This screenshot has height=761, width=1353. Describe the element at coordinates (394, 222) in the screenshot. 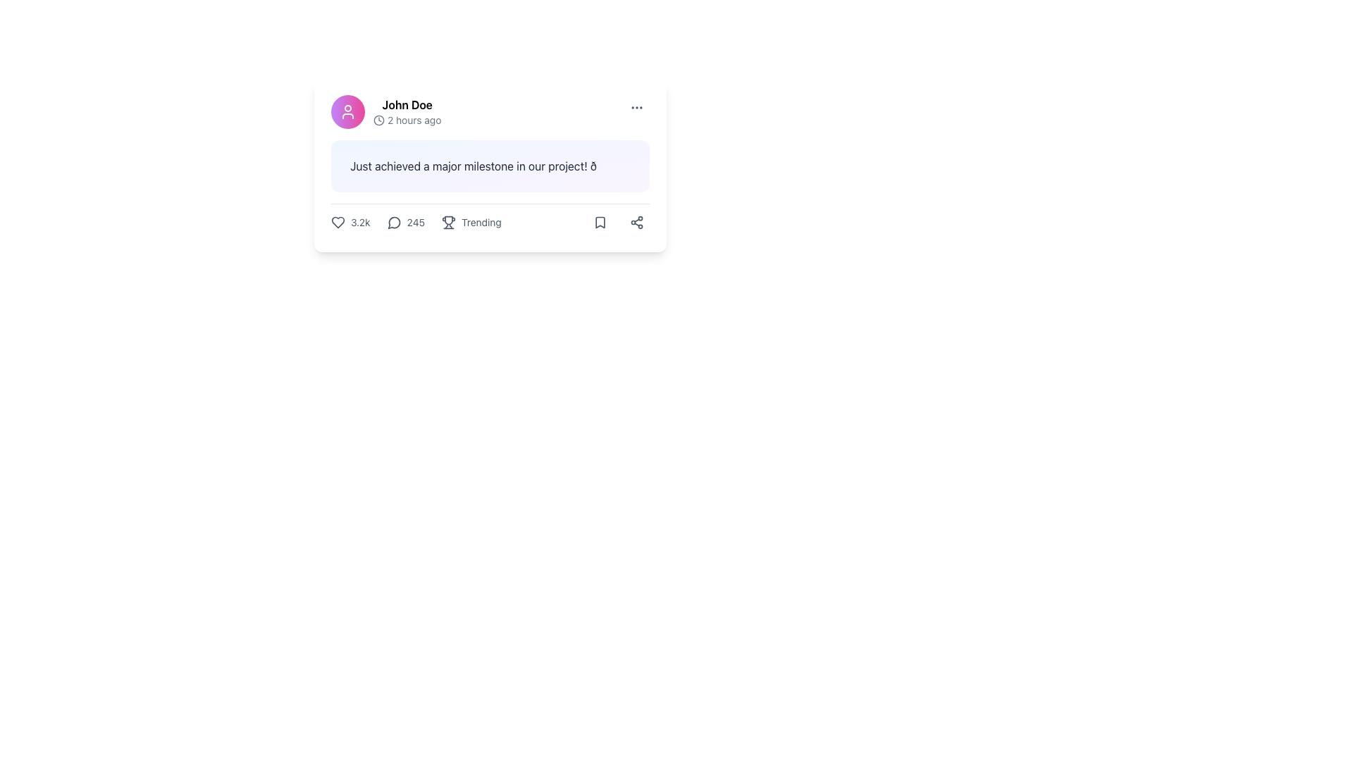

I see `the comment icon, which is the first icon in the group below the post content, to observe its interactive styling change` at that location.